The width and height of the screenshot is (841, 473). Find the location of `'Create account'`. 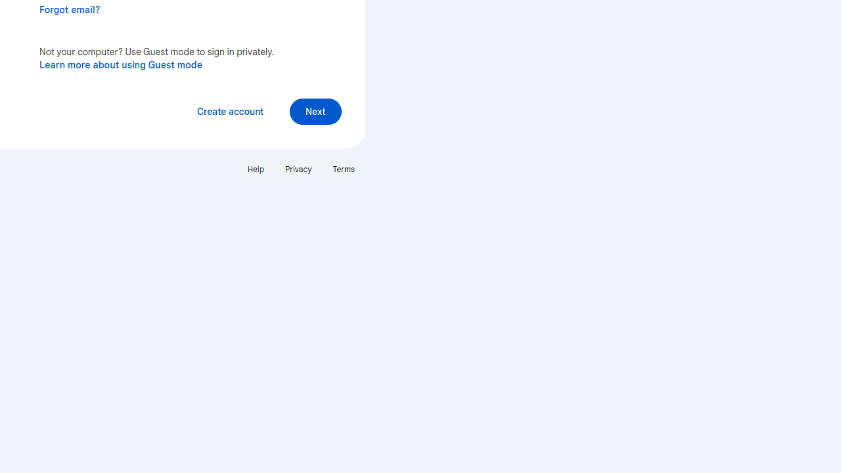

'Create account' is located at coordinates (230, 110).